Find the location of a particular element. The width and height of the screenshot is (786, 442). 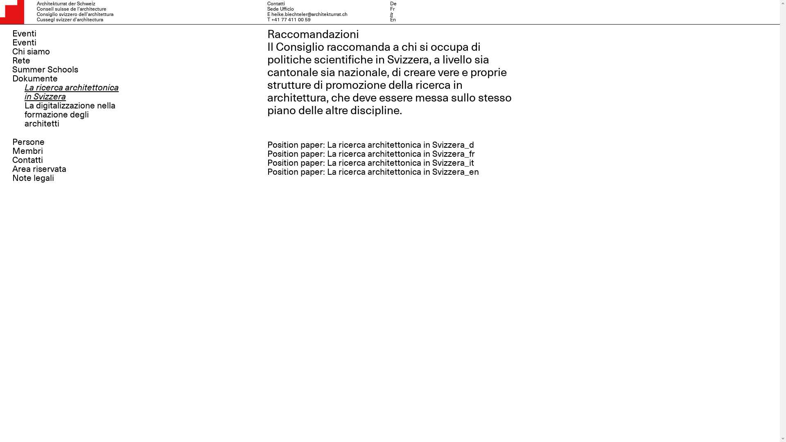

'Rete' is located at coordinates (21, 60).